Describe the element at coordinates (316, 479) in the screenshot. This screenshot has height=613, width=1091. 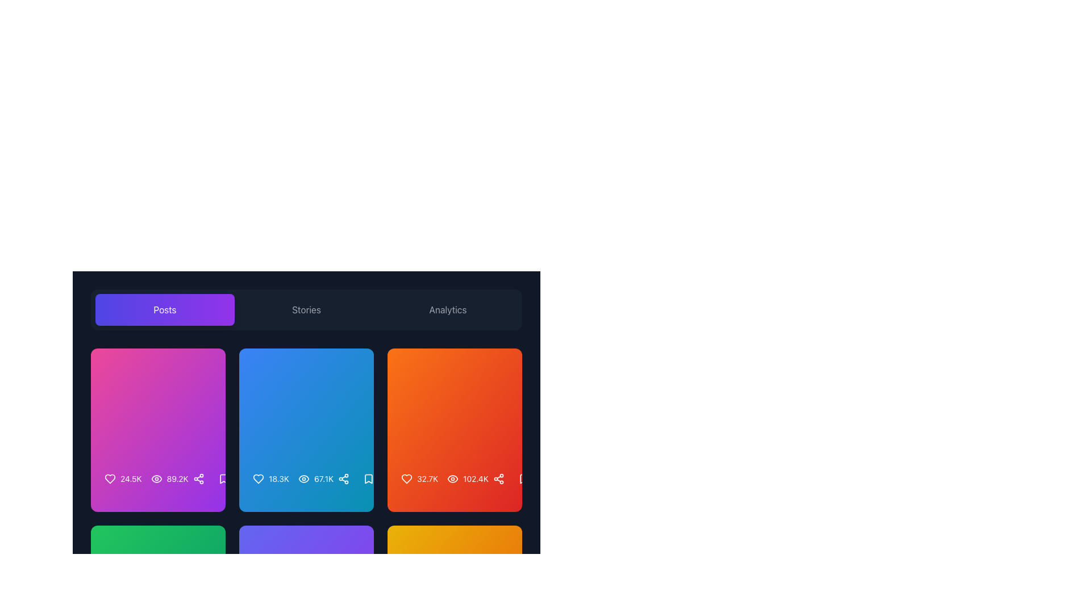
I see `the text label displaying the number of views or impressions, which is located in the second column of the second row of a card-like structure with a blue background` at that location.